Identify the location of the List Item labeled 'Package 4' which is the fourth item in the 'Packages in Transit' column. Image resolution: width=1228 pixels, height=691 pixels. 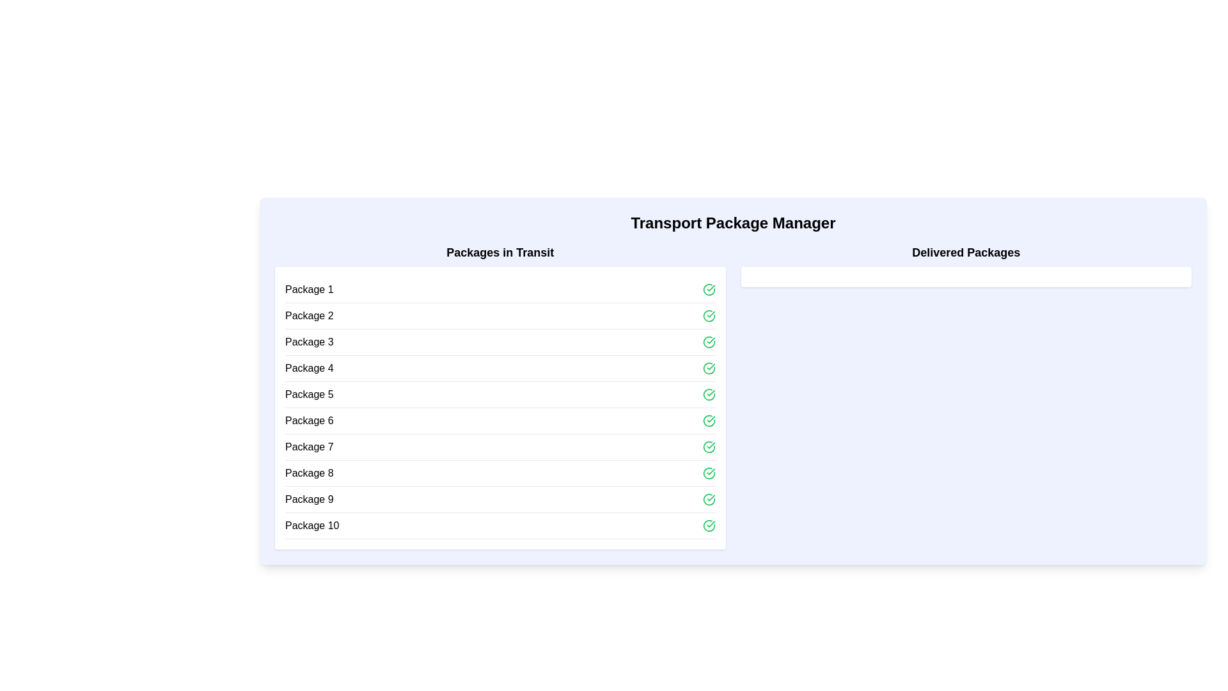
(500, 369).